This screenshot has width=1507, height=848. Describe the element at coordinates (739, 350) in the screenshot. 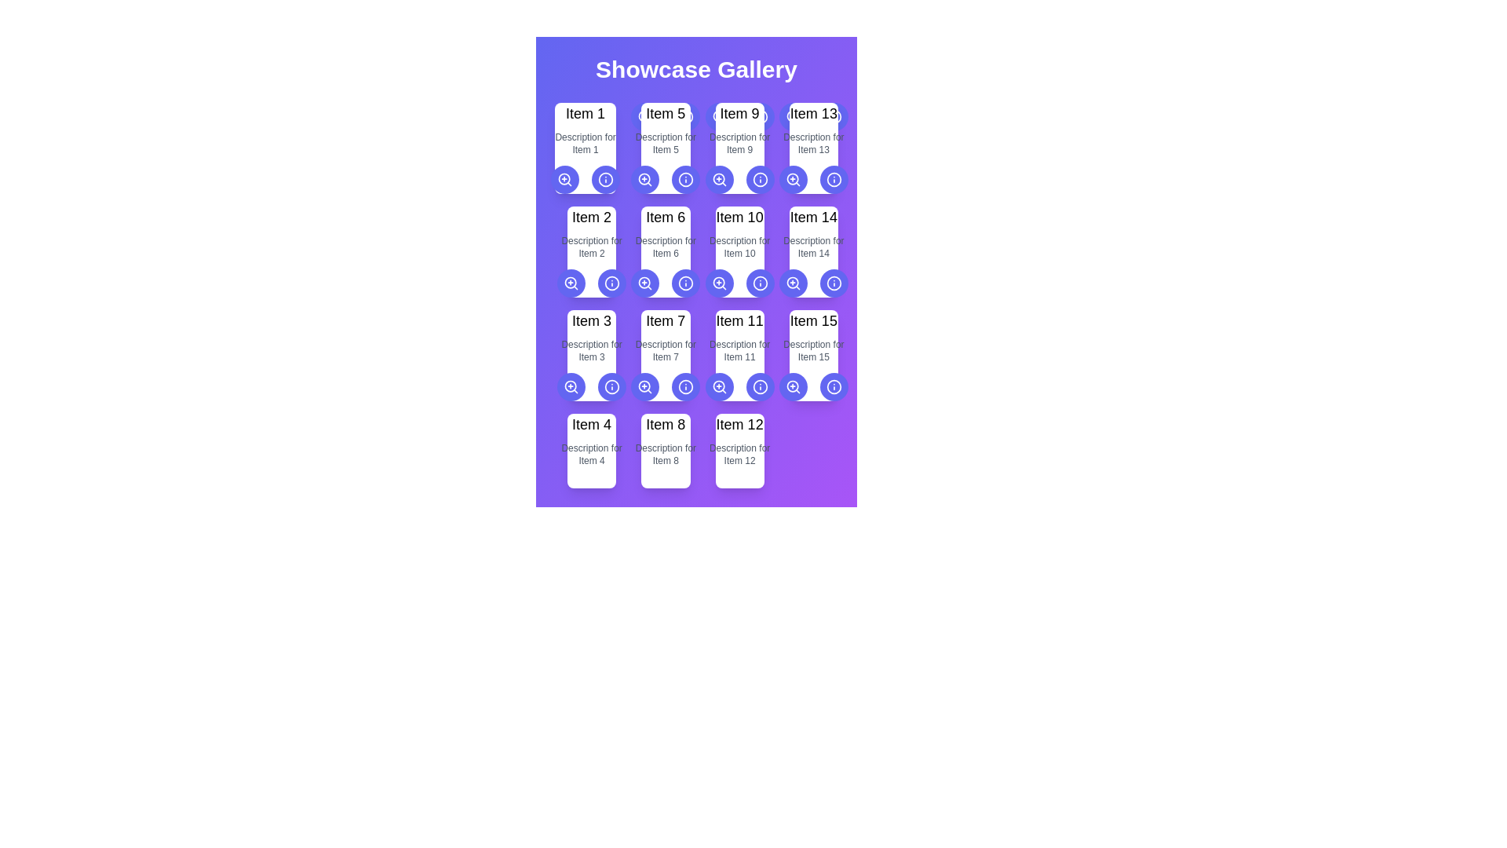

I see `the non-interactive text label providing additional information about 'Item 11', located within the card for 'Item 11'` at that location.